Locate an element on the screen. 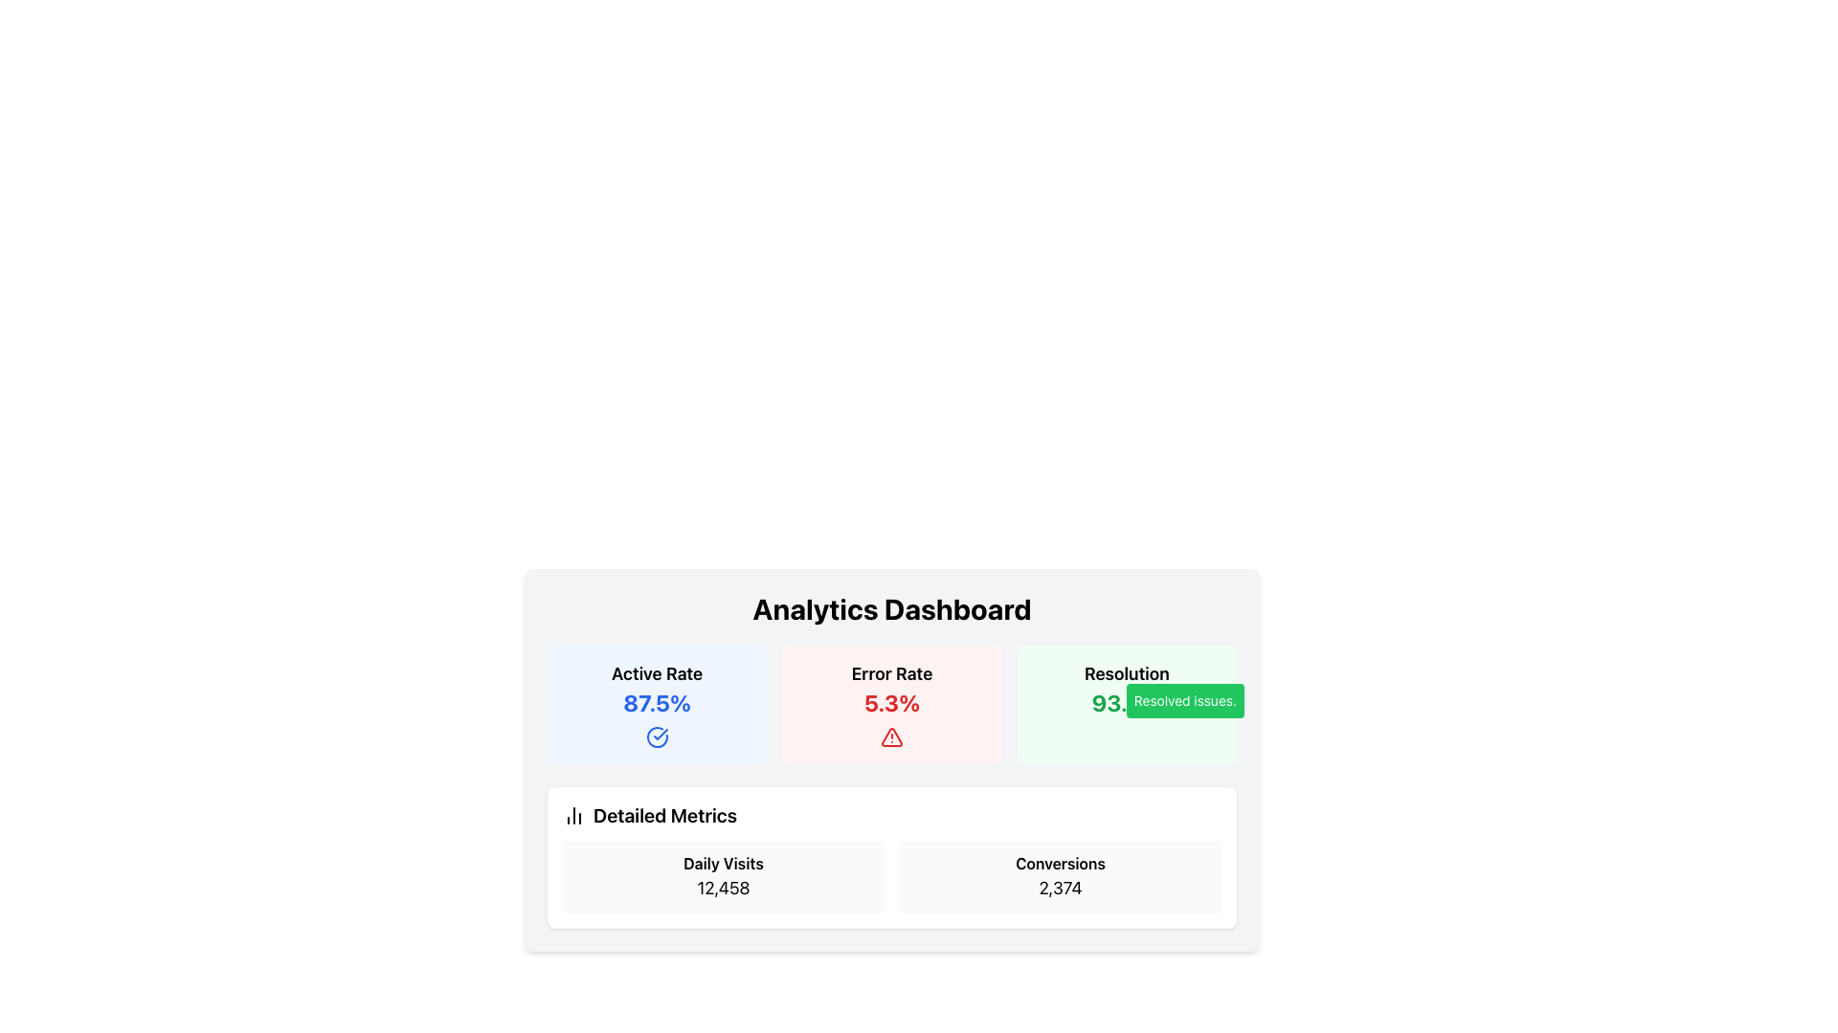 The height and width of the screenshot is (1033, 1838). displayed value '93.2%' from the text display that is part of the 'Resolution' card, which is centrally aligned in a light green background with rounded corners is located at coordinates (1127, 703).